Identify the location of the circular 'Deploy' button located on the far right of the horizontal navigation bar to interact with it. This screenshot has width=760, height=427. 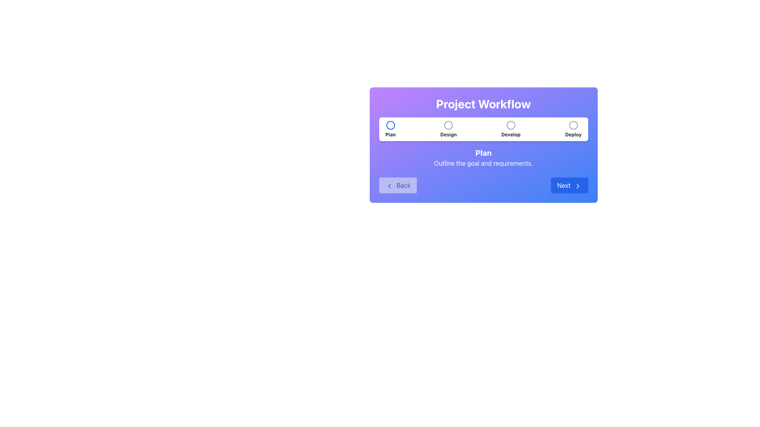
(573, 125).